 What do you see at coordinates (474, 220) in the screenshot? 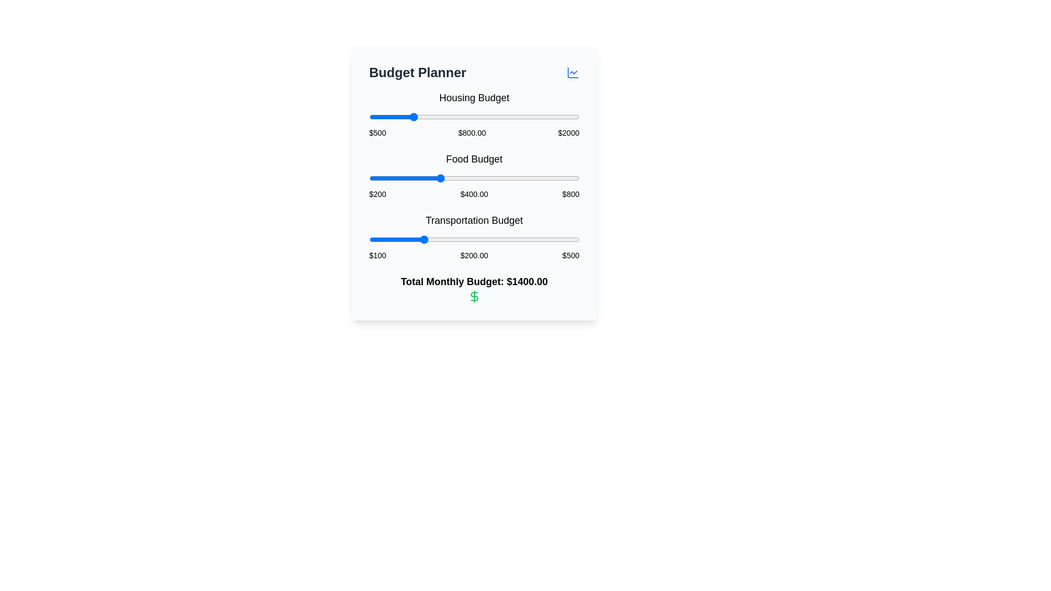
I see `the 'Transportation Budget' text label which displays the text in bold and larger font style, located above the range input element` at bounding box center [474, 220].